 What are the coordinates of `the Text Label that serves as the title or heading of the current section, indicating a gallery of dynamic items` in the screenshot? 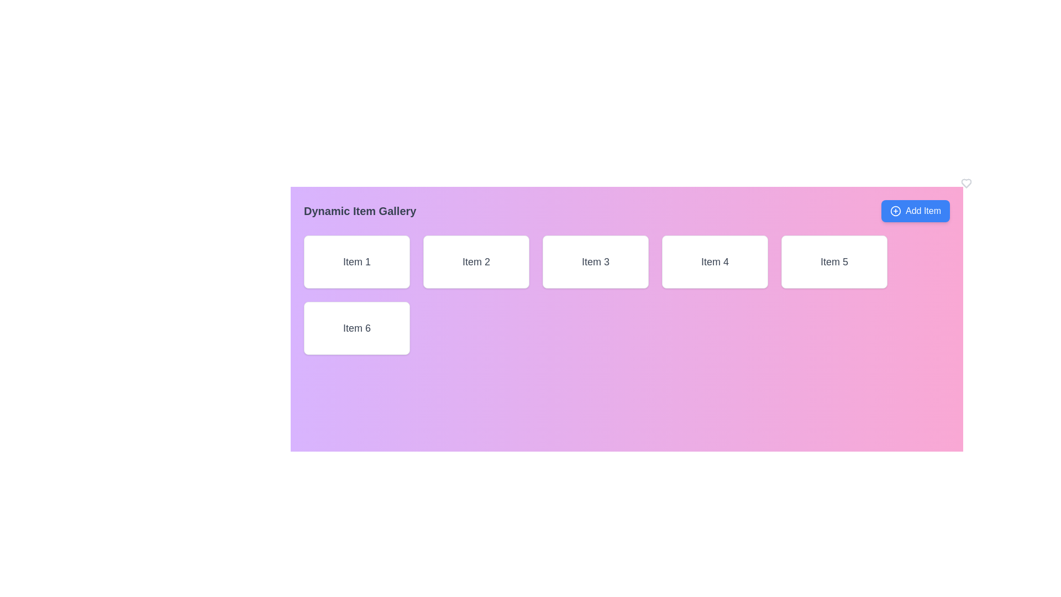 It's located at (360, 211).